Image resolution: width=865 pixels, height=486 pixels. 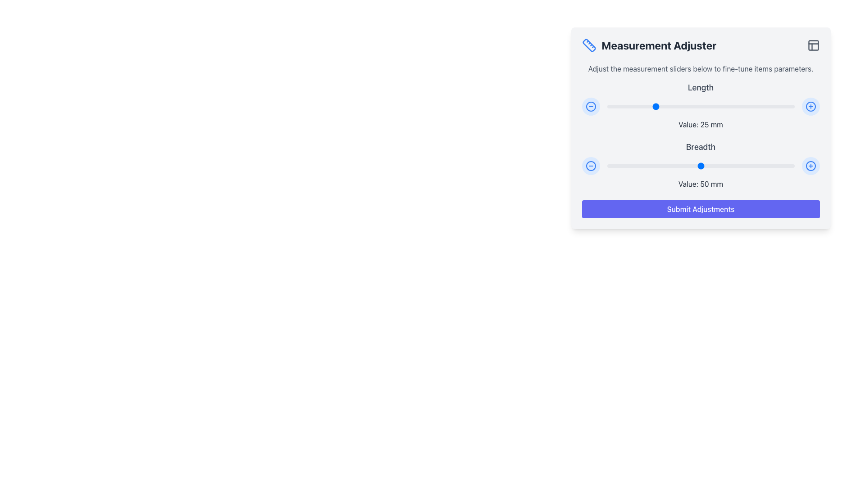 I want to click on the length value, so click(x=775, y=106).